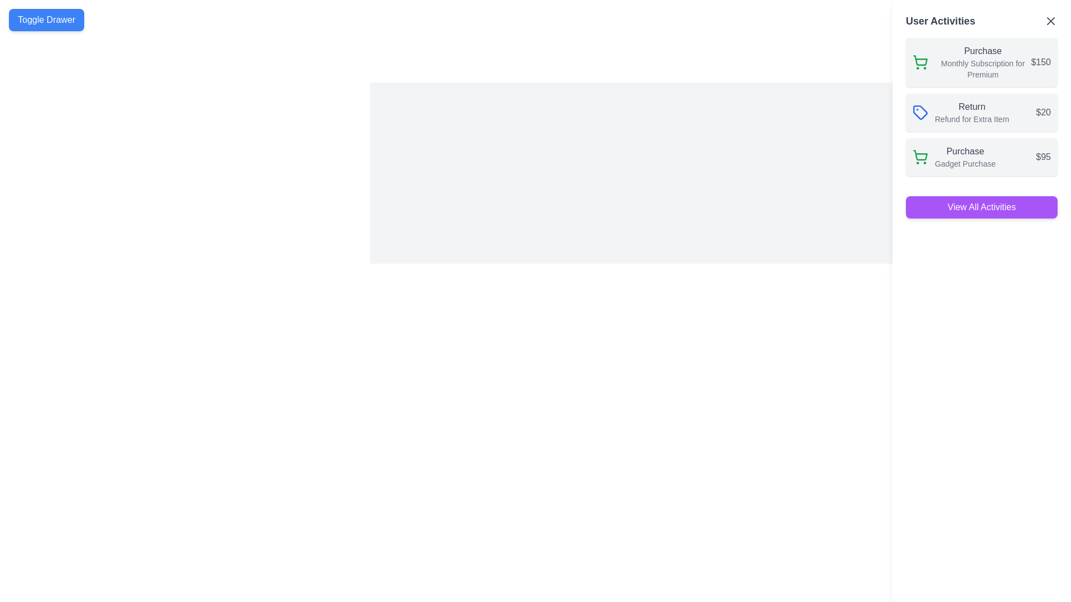  I want to click on the top-left diagonal stroke of the 'X' icon, which is styled in dark color and located in the top-right corner of the 'User Activities' panel header, serving as a close or dismiss button, so click(1050, 21).